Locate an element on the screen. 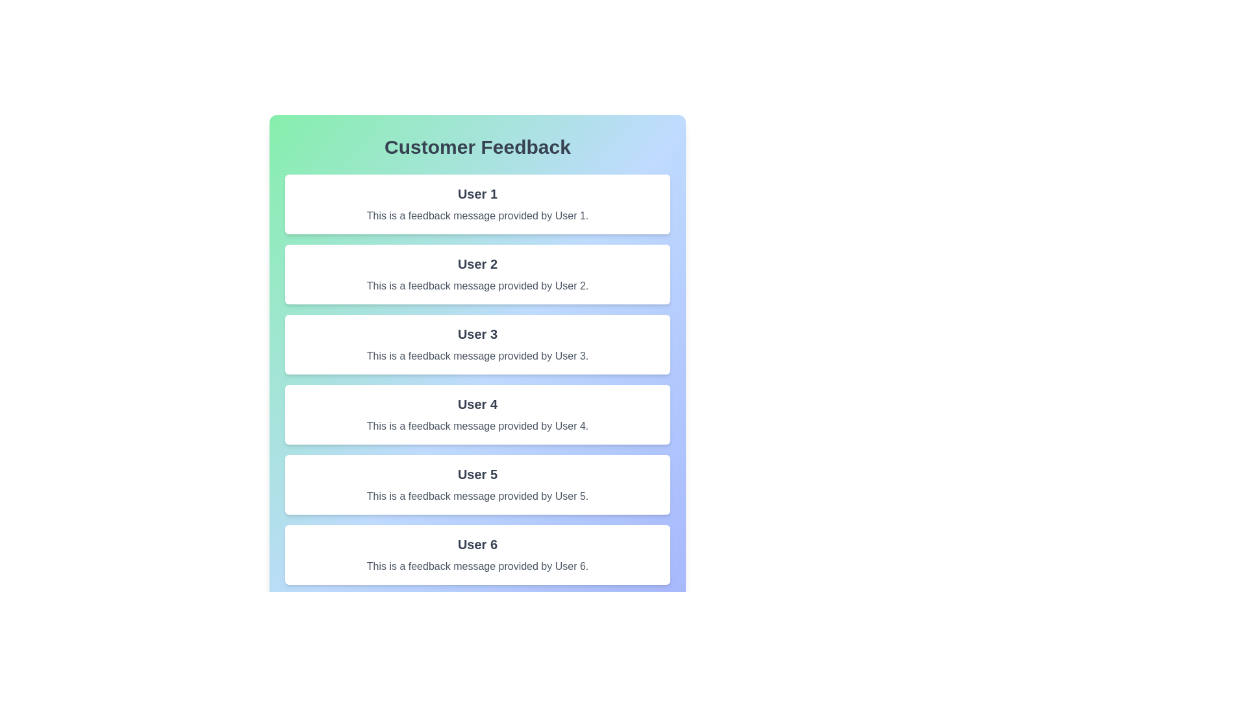 The width and height of the screenshot is (1247, 701). the Text label that identifies the feedback from 'User 5', located at the top of the feedback message box in the 'Customer Feedback' list is located at coordinates (477, 474).